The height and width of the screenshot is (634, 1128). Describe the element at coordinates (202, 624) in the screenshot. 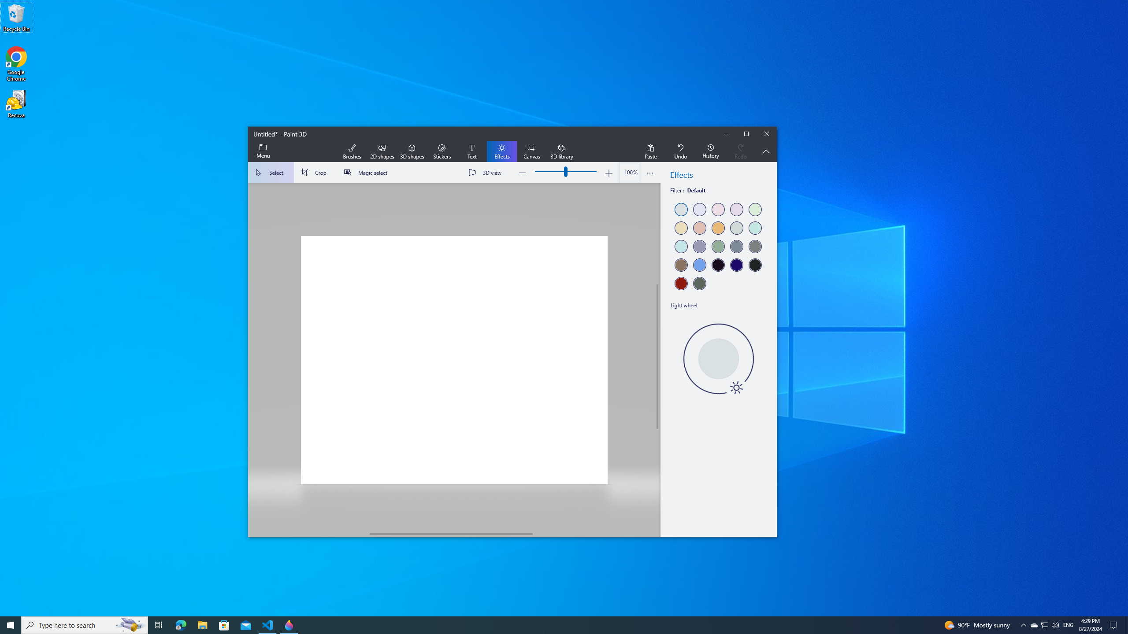

I see `'File Explorer'` at that location.